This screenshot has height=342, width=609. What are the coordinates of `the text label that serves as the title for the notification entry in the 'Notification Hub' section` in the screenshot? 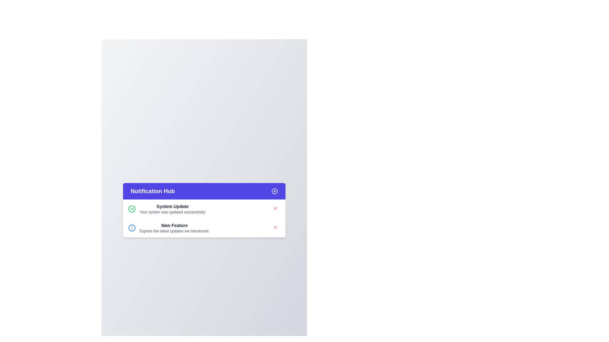 It's located at (174, 225).